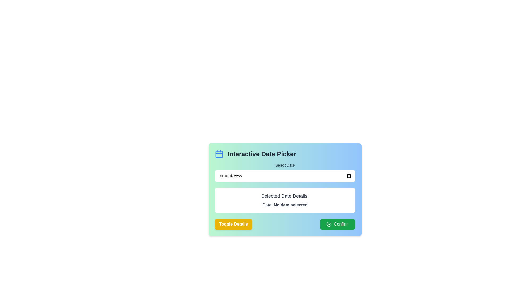  What do you see at coordinates (219, 154) in the screenshot?
I see `the calendar icon located on the left side of the 'Interactive Date Picker' section, which symbolizes the date-picker functionality` at bounding box center [219, 154].